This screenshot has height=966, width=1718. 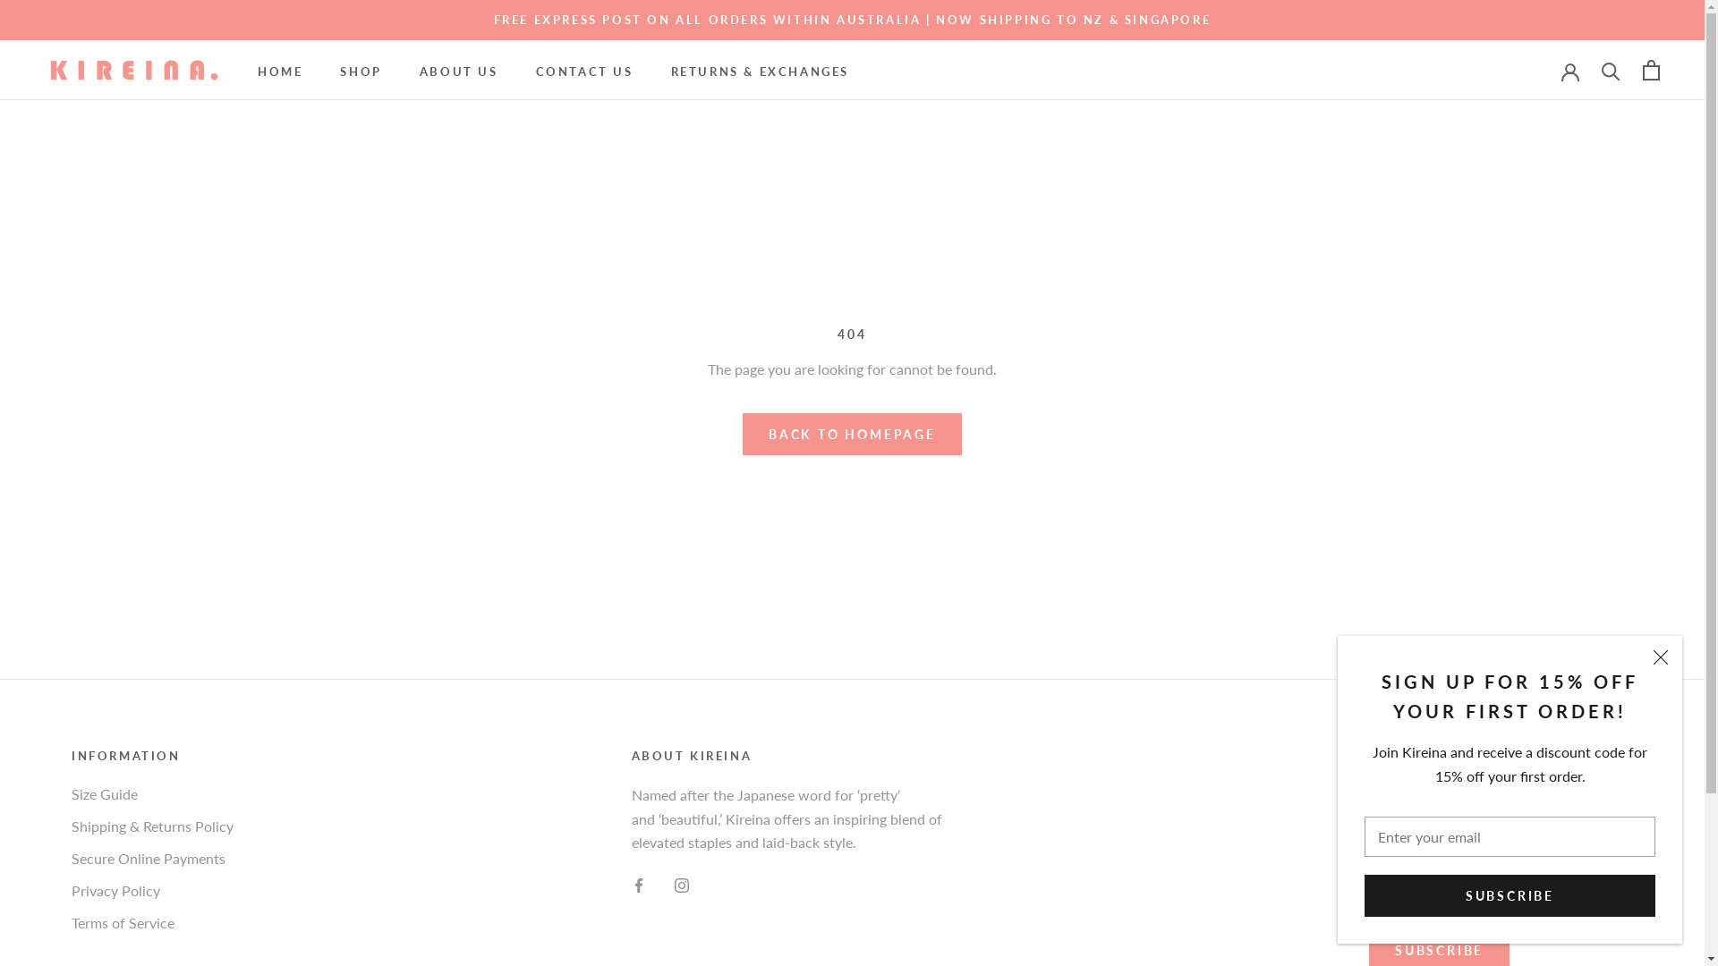 I want to click on 'Privacy Policy', so click(x=152, y=890).